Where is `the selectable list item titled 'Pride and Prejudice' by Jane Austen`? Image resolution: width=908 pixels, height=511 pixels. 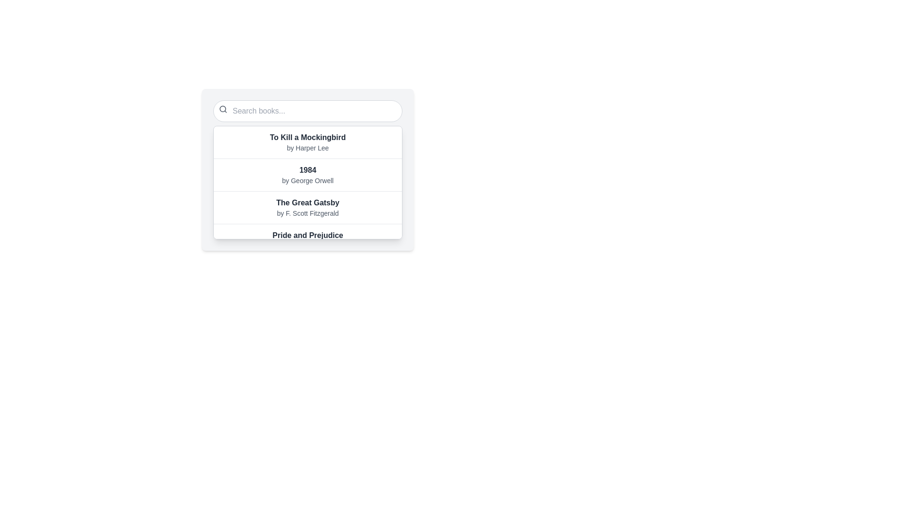 the selectable list item titled 'Pride and Prejudice' by Jane Austen is located at coordinates (308, 239).